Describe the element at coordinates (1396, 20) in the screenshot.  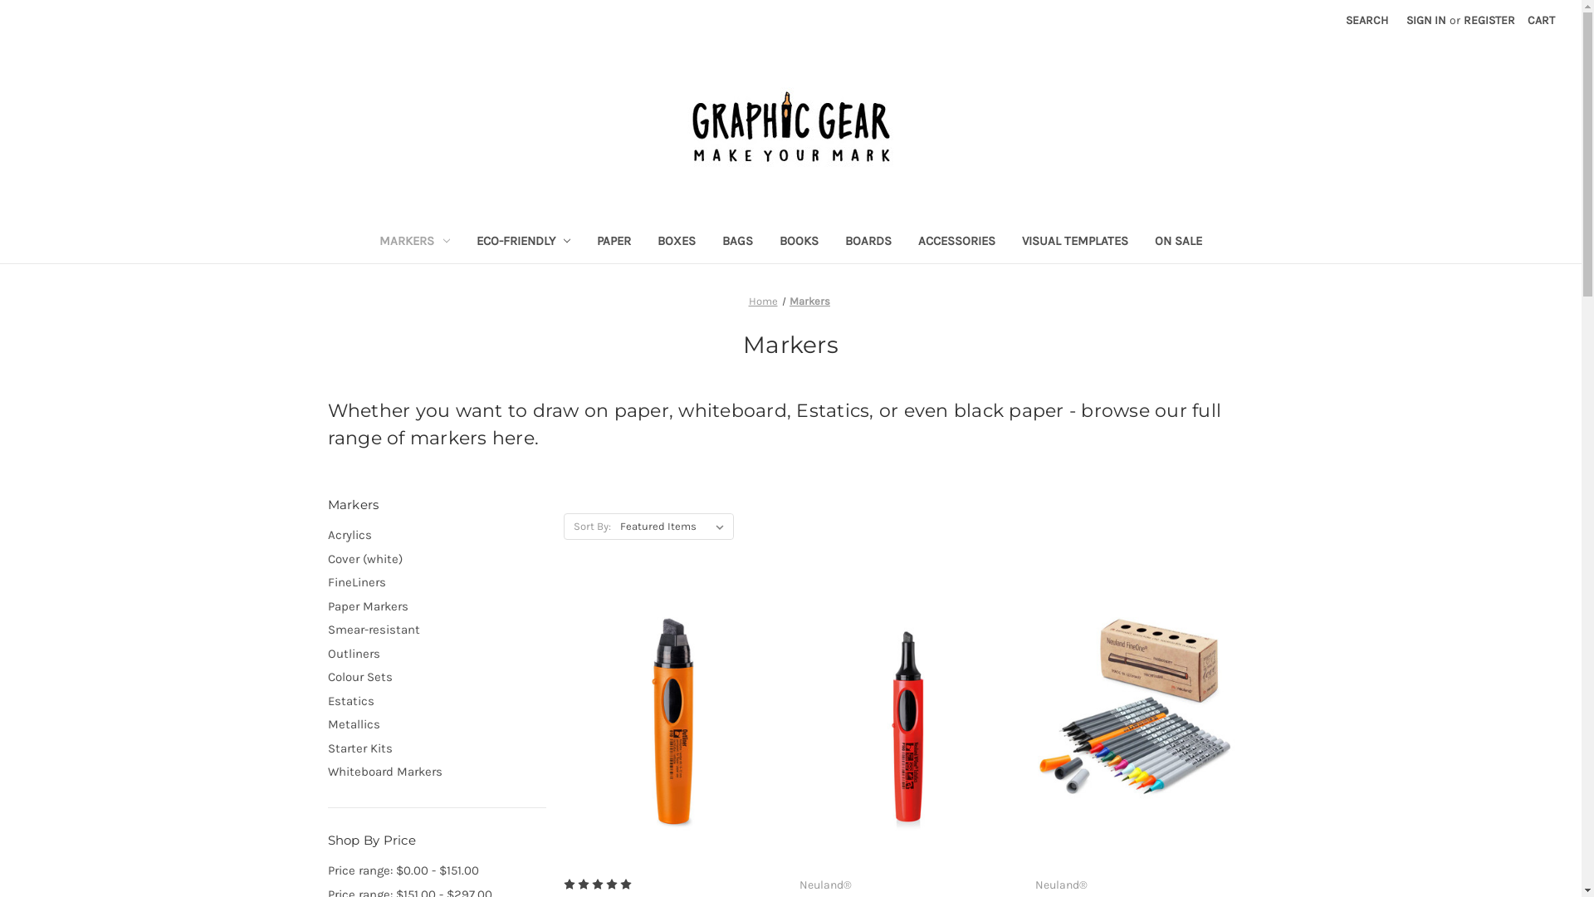
I see `'SIGN IN'` at that location.